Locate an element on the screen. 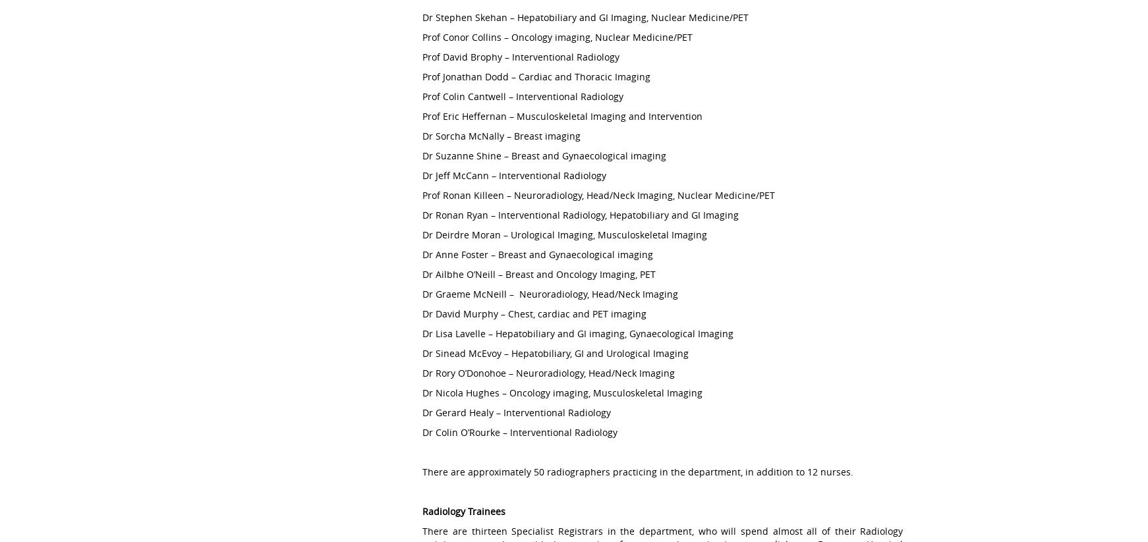  'Dr Stephen Skehan – Hepatobiliary and GI Imaging, Nuclear Medicine/PET' is located at coordinates (585, 16).